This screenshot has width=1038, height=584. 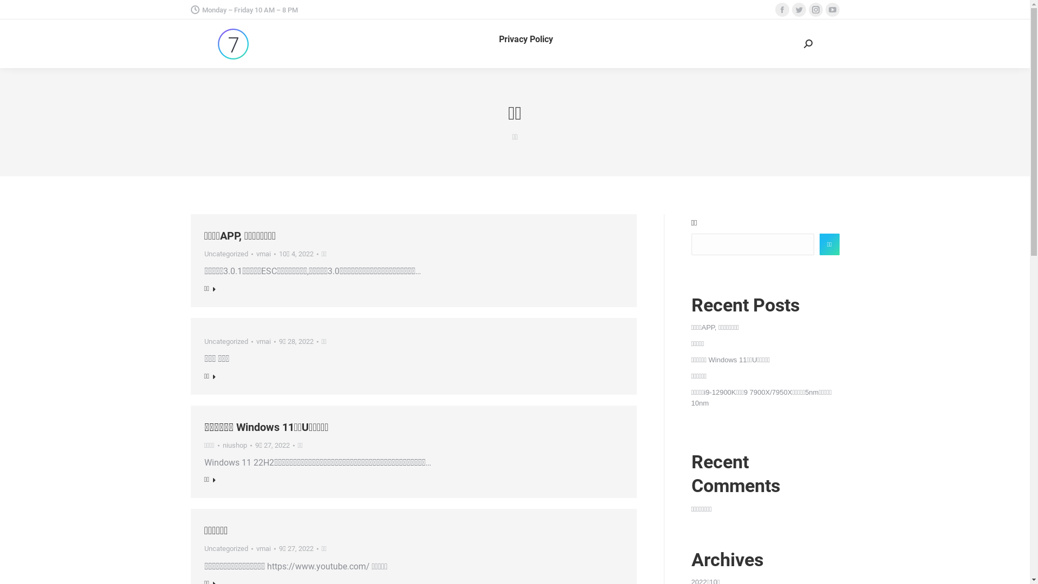 I want to click on 'Facebook page opens in new window', so click(x=782, y=10).